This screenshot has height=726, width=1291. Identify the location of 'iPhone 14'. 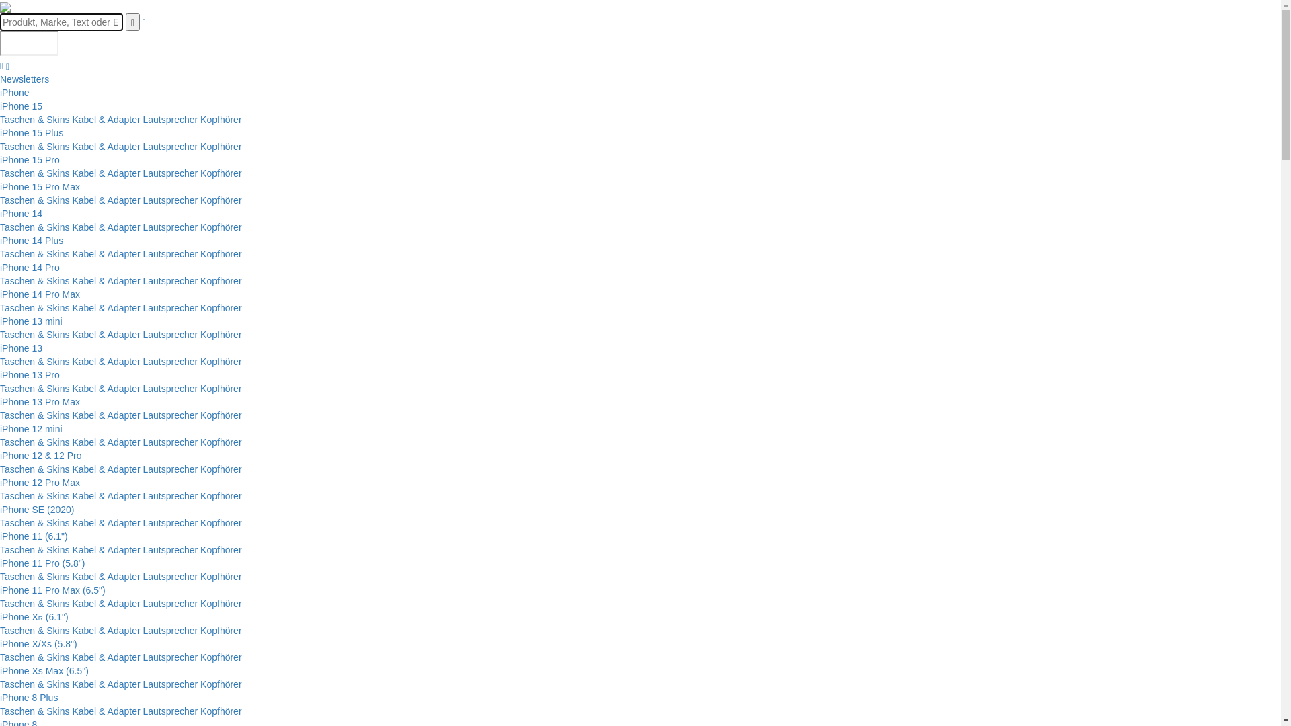
(21, 212).